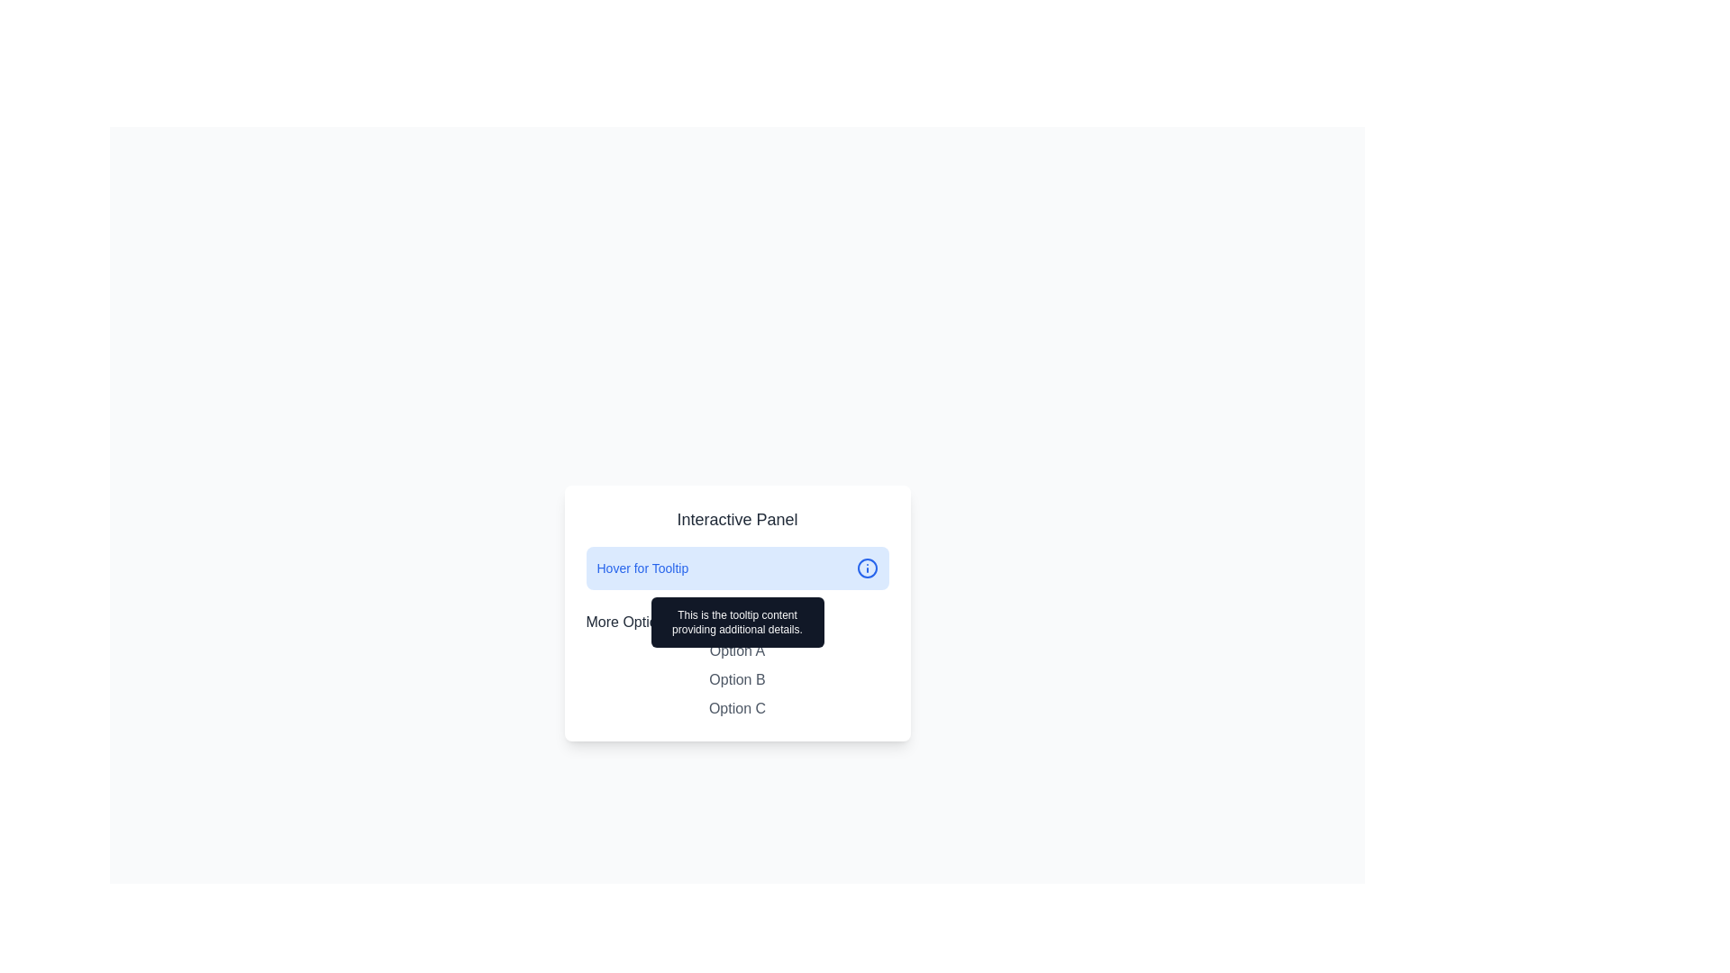  Describe the element at coordinates (737, 680) in the screenshot. I see `the text label displaying 'Option B', which is the second option in a vertically stacked list` at that location.